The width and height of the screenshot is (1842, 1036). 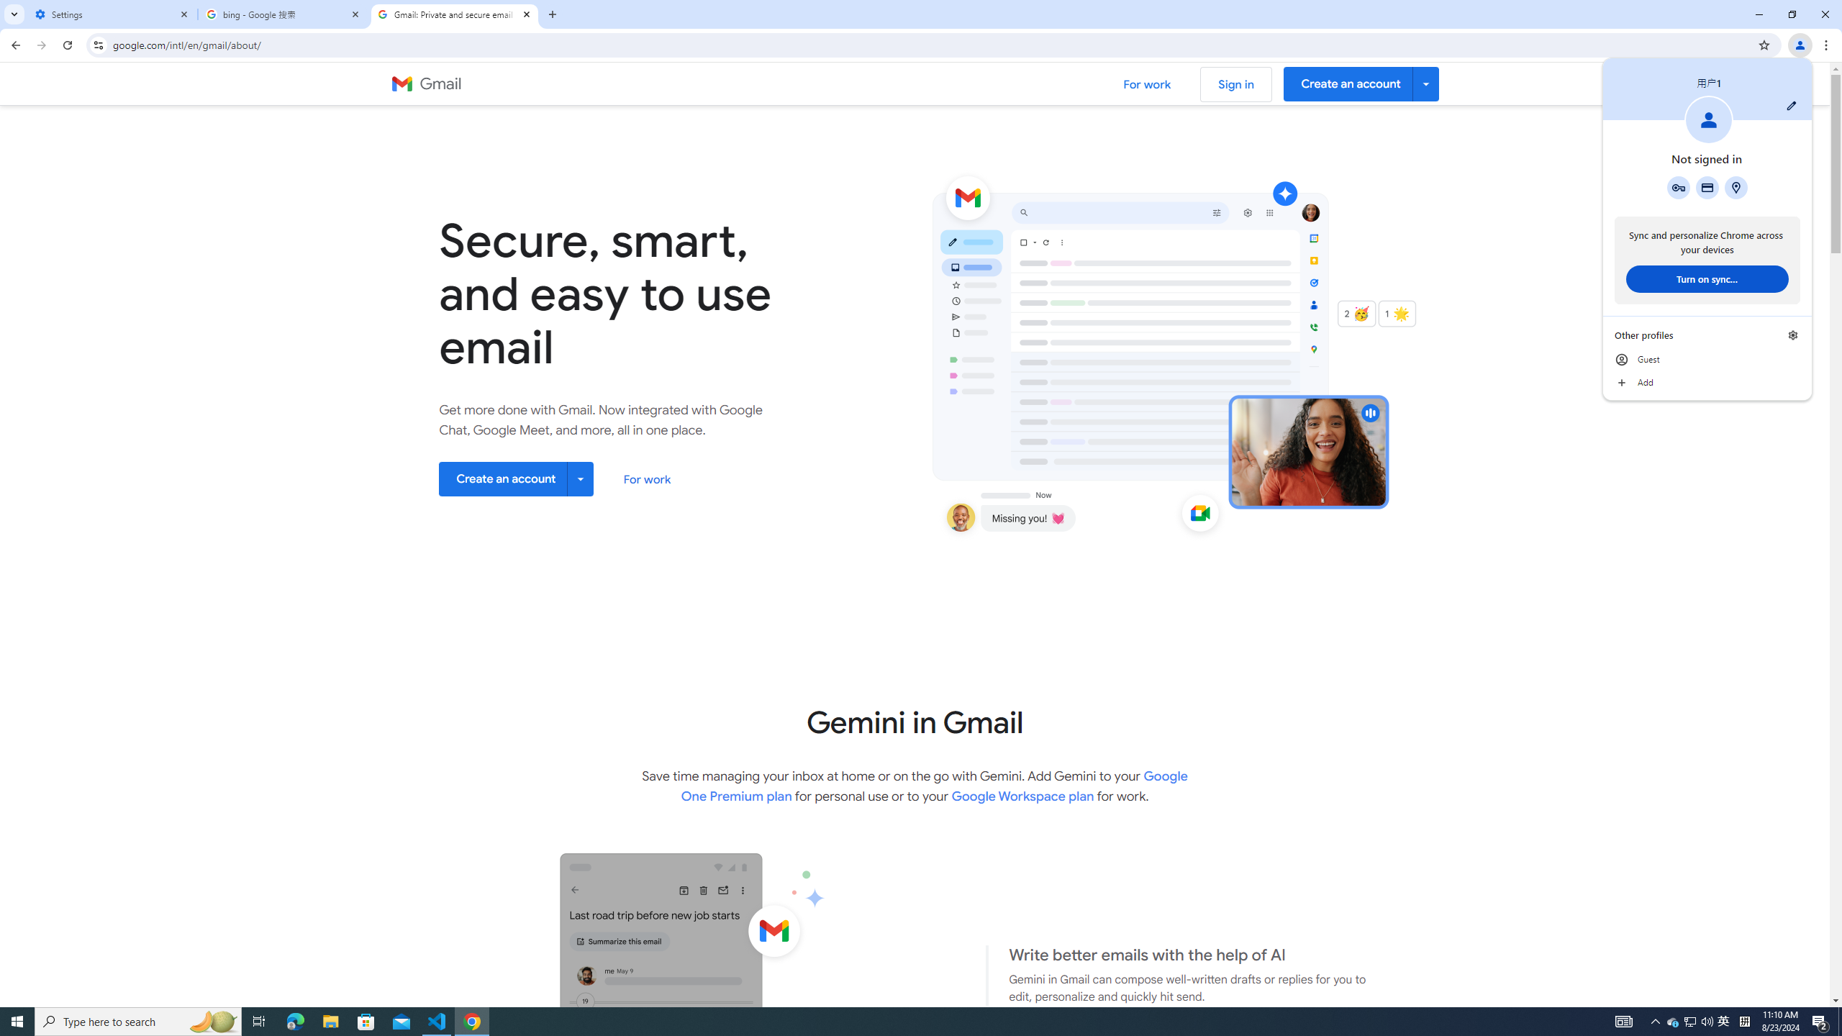 What do you see at coordinates (366, 1020) in the screenshot?
I see `'Microsoft Store'` at bounding box center [366, 1020].